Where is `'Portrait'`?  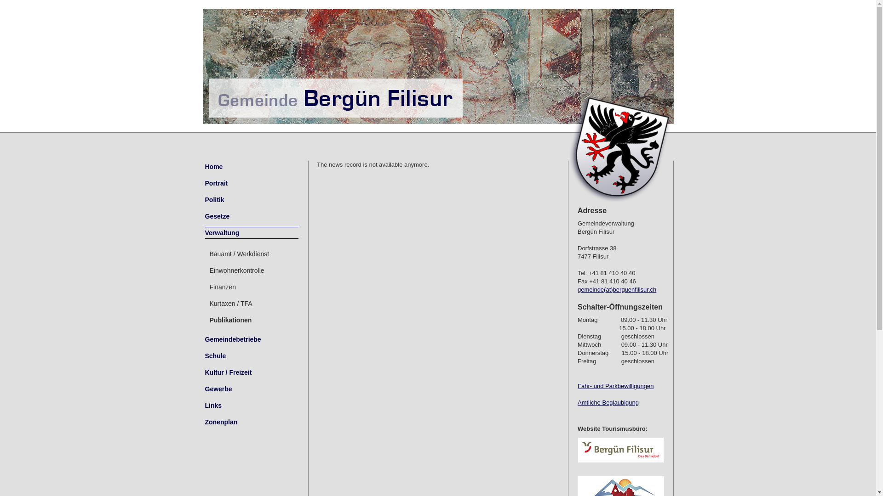
'Portrait' is located at coordinates (252, 183).